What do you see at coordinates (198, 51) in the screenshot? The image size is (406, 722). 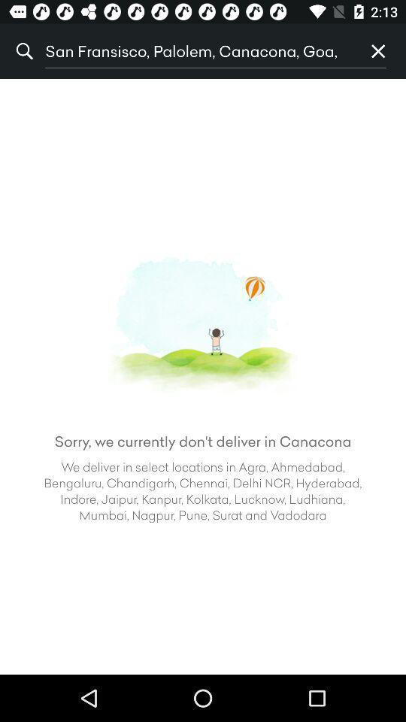 I see `the icon to the left of p icon` at bounding box center [198, 51].